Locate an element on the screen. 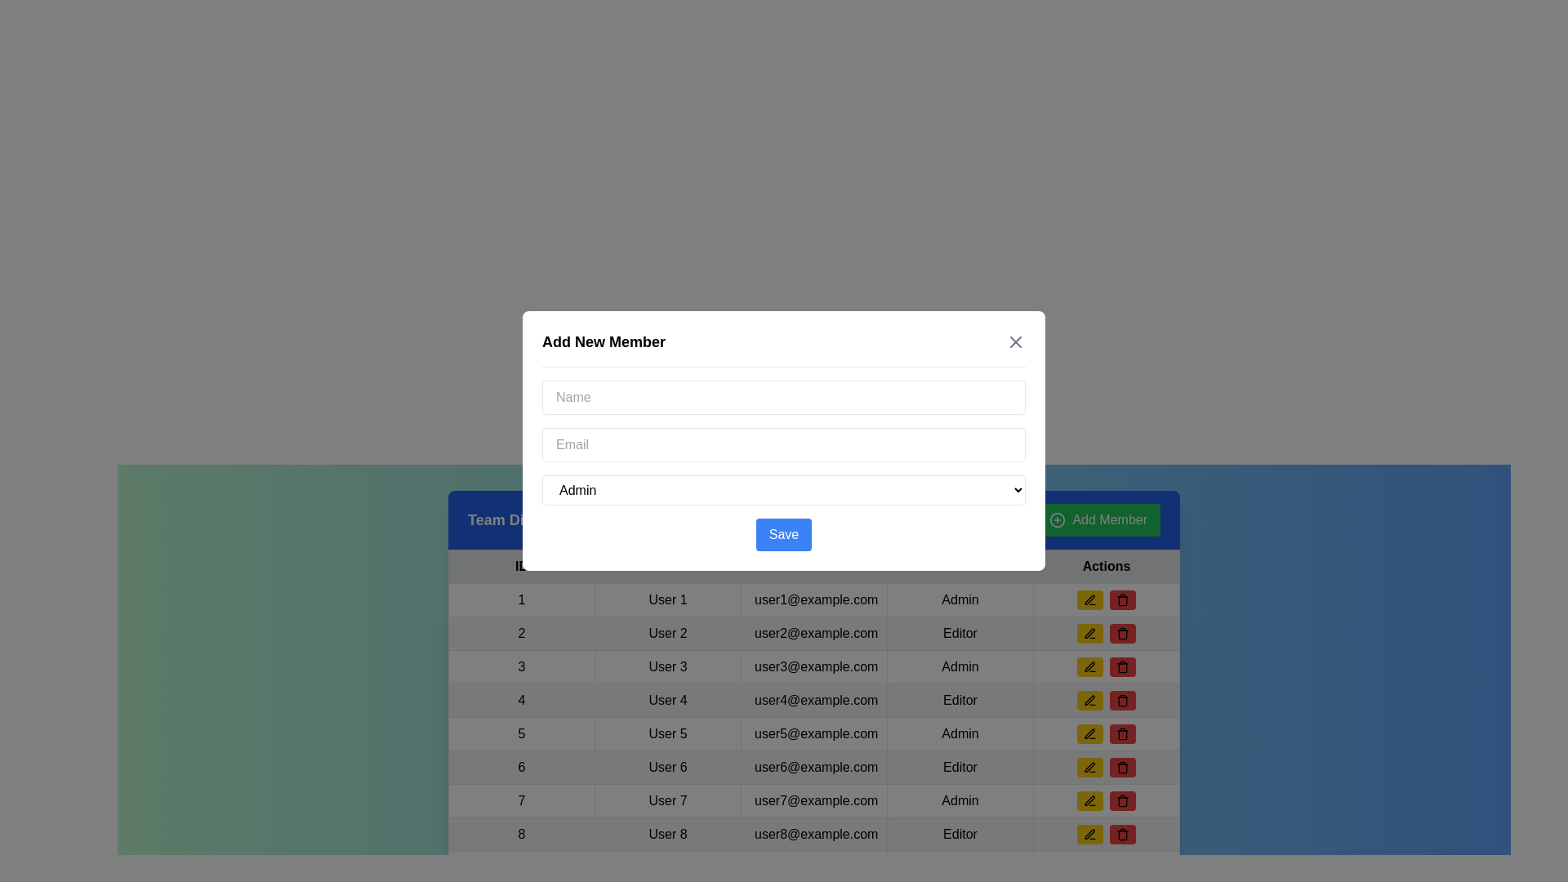 This screenshot has height=882, width=1568. the delete button with a red background and trash can icon located in the 'Actions' column next to the edit button for 'User 8' is located at coordinates (1121, 768).